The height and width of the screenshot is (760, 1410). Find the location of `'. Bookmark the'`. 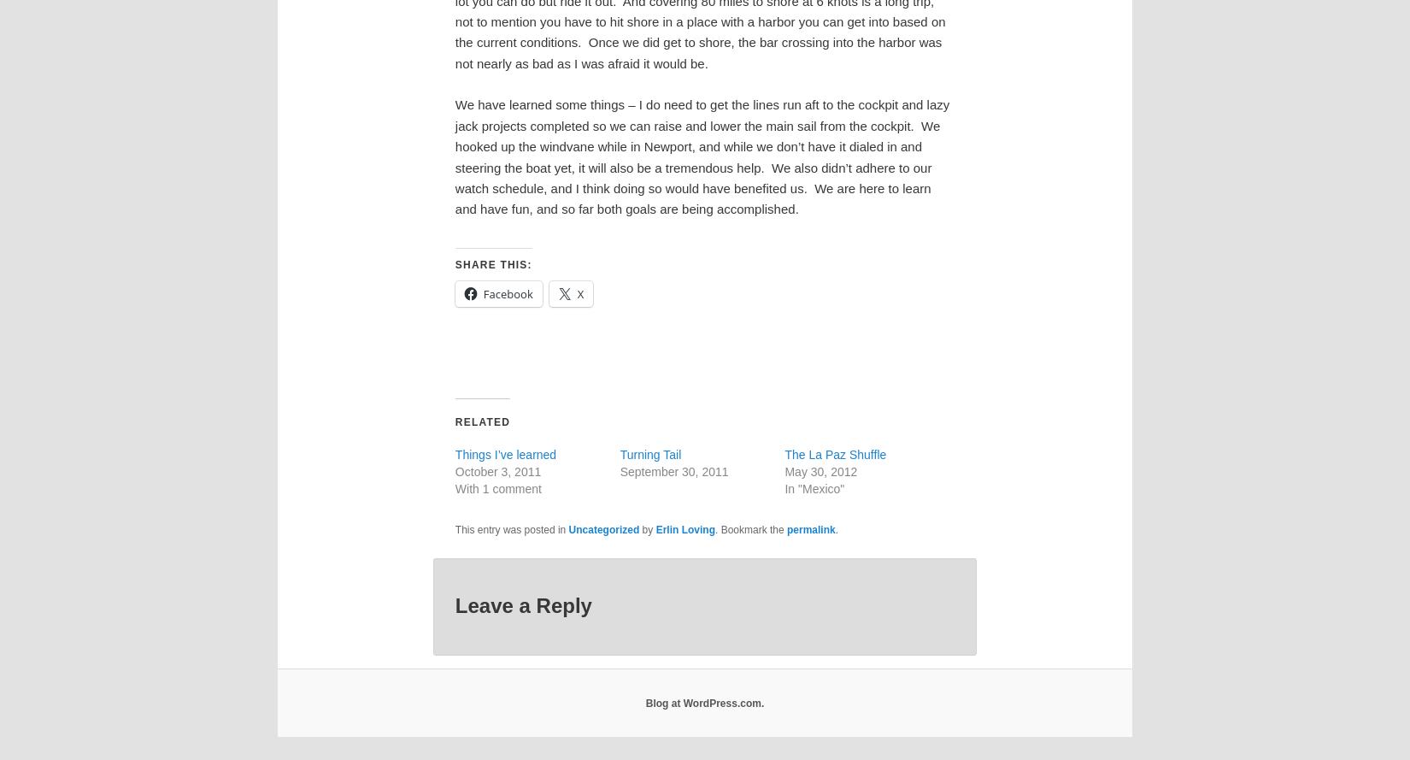

'. Bookmark the' is located at coordinates (714, 528).